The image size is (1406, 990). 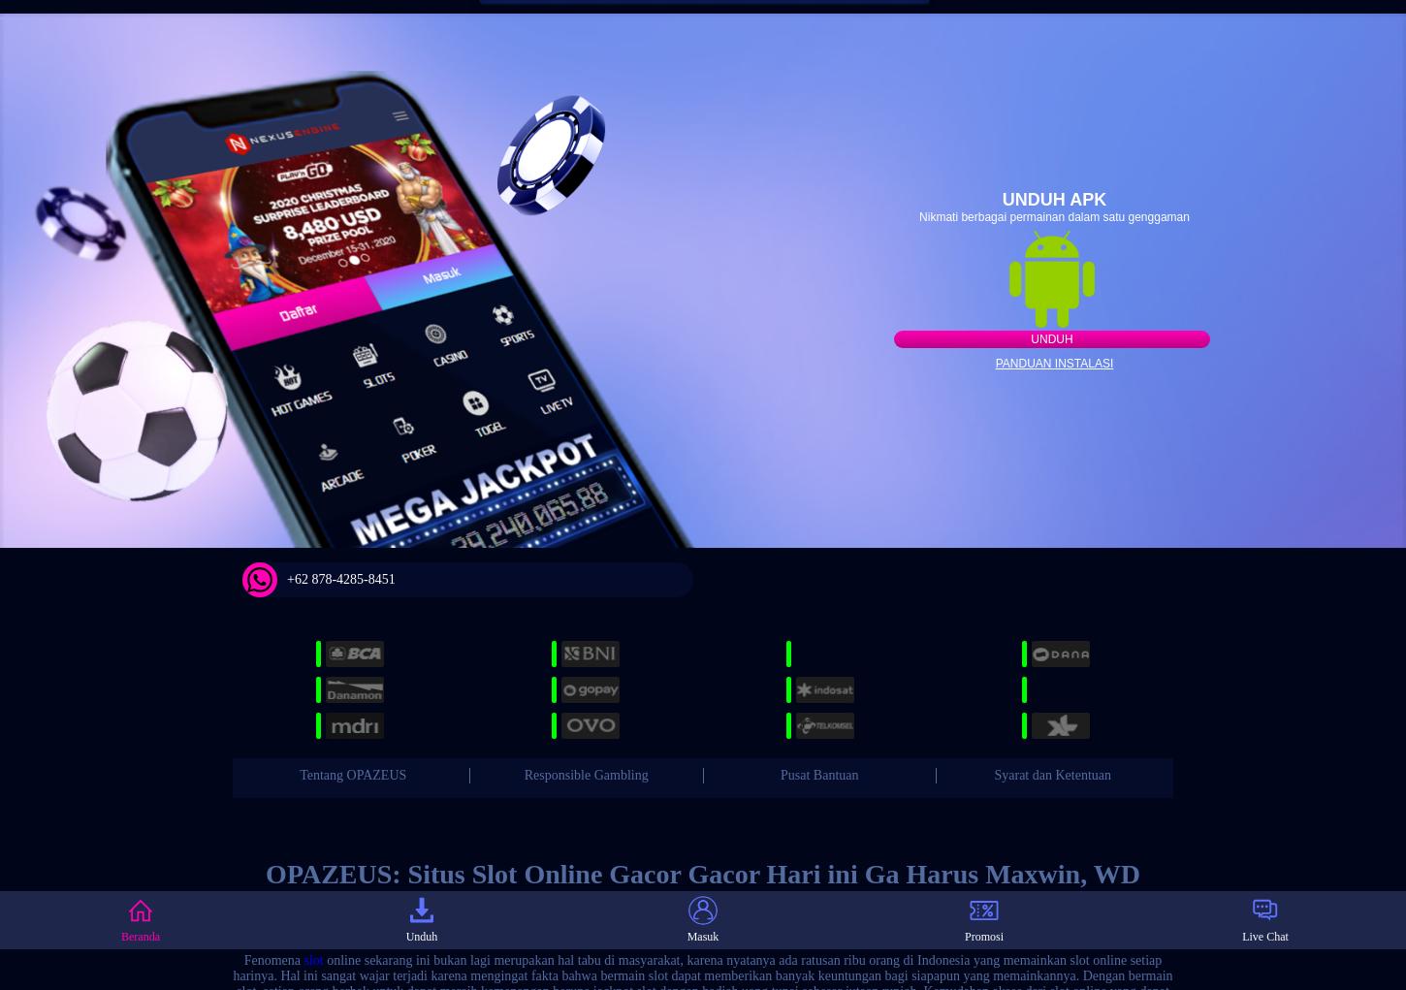 I want to click on 'Syarat dan Ketentuan', so click(x=1052, y=773).